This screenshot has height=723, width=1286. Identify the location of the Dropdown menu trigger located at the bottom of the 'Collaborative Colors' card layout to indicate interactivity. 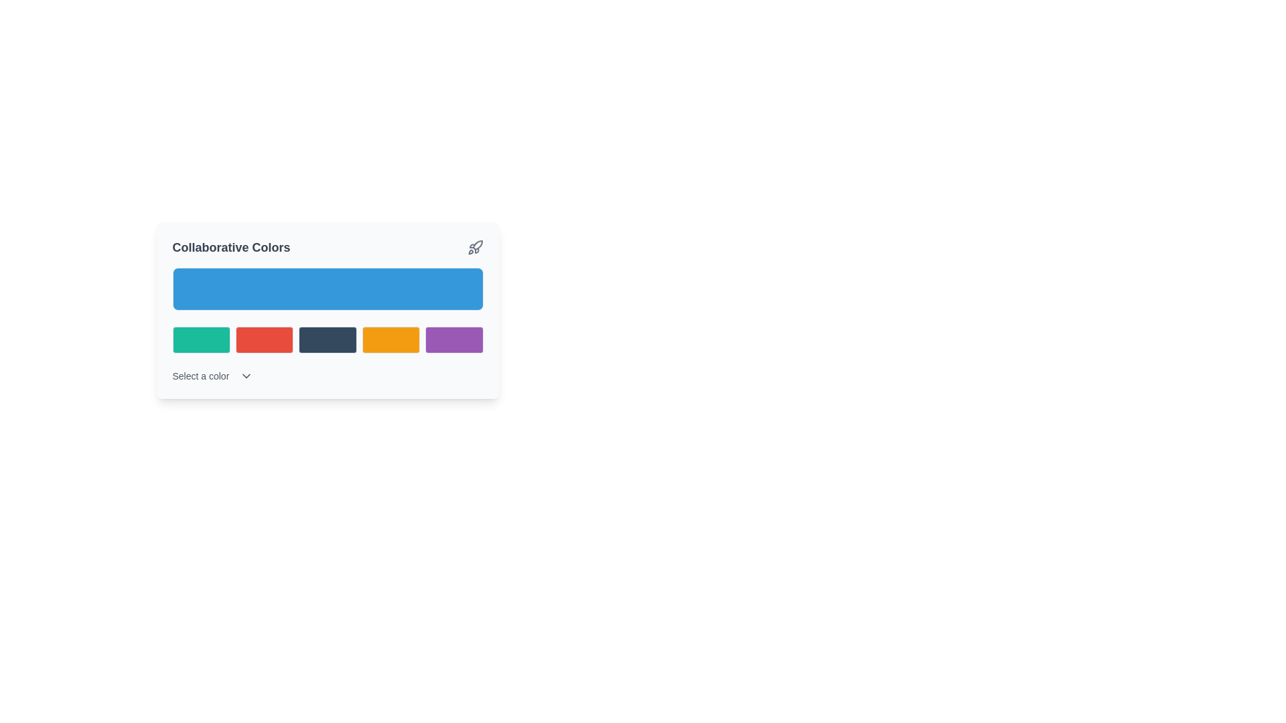
(328, 376).